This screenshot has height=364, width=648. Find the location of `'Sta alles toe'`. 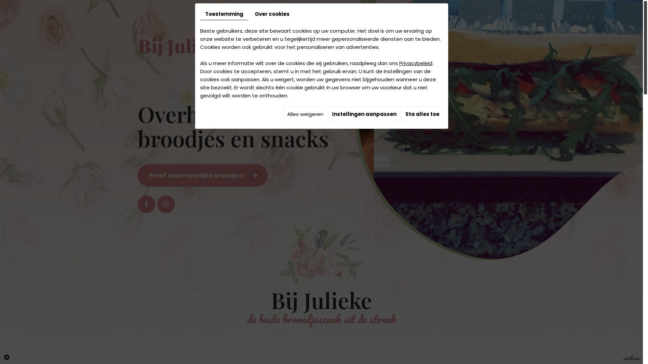

'Sta alles toe' is located at coordinates (422, 114).